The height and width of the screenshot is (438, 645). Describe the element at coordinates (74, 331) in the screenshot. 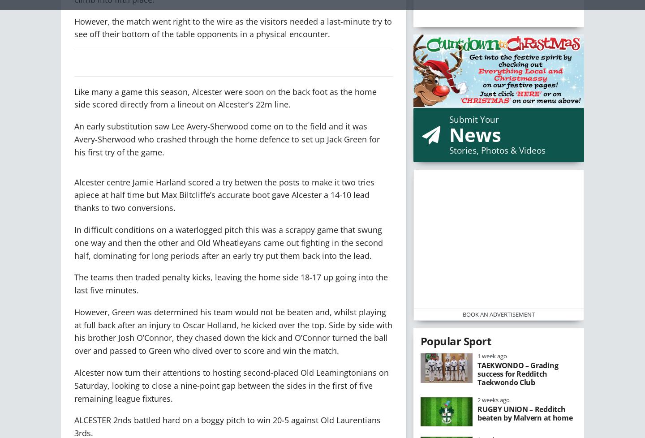

I see `'However, Green was determined his team would not be beaten and, whilst playing at full back after an injury to Oscar Holland, he kicked over the top. Side by side with his brother Josh O’Connor, they chased down the kick and O’Connor turned the ball over and passed to Green who dived over to score and win the match.'` at that location.